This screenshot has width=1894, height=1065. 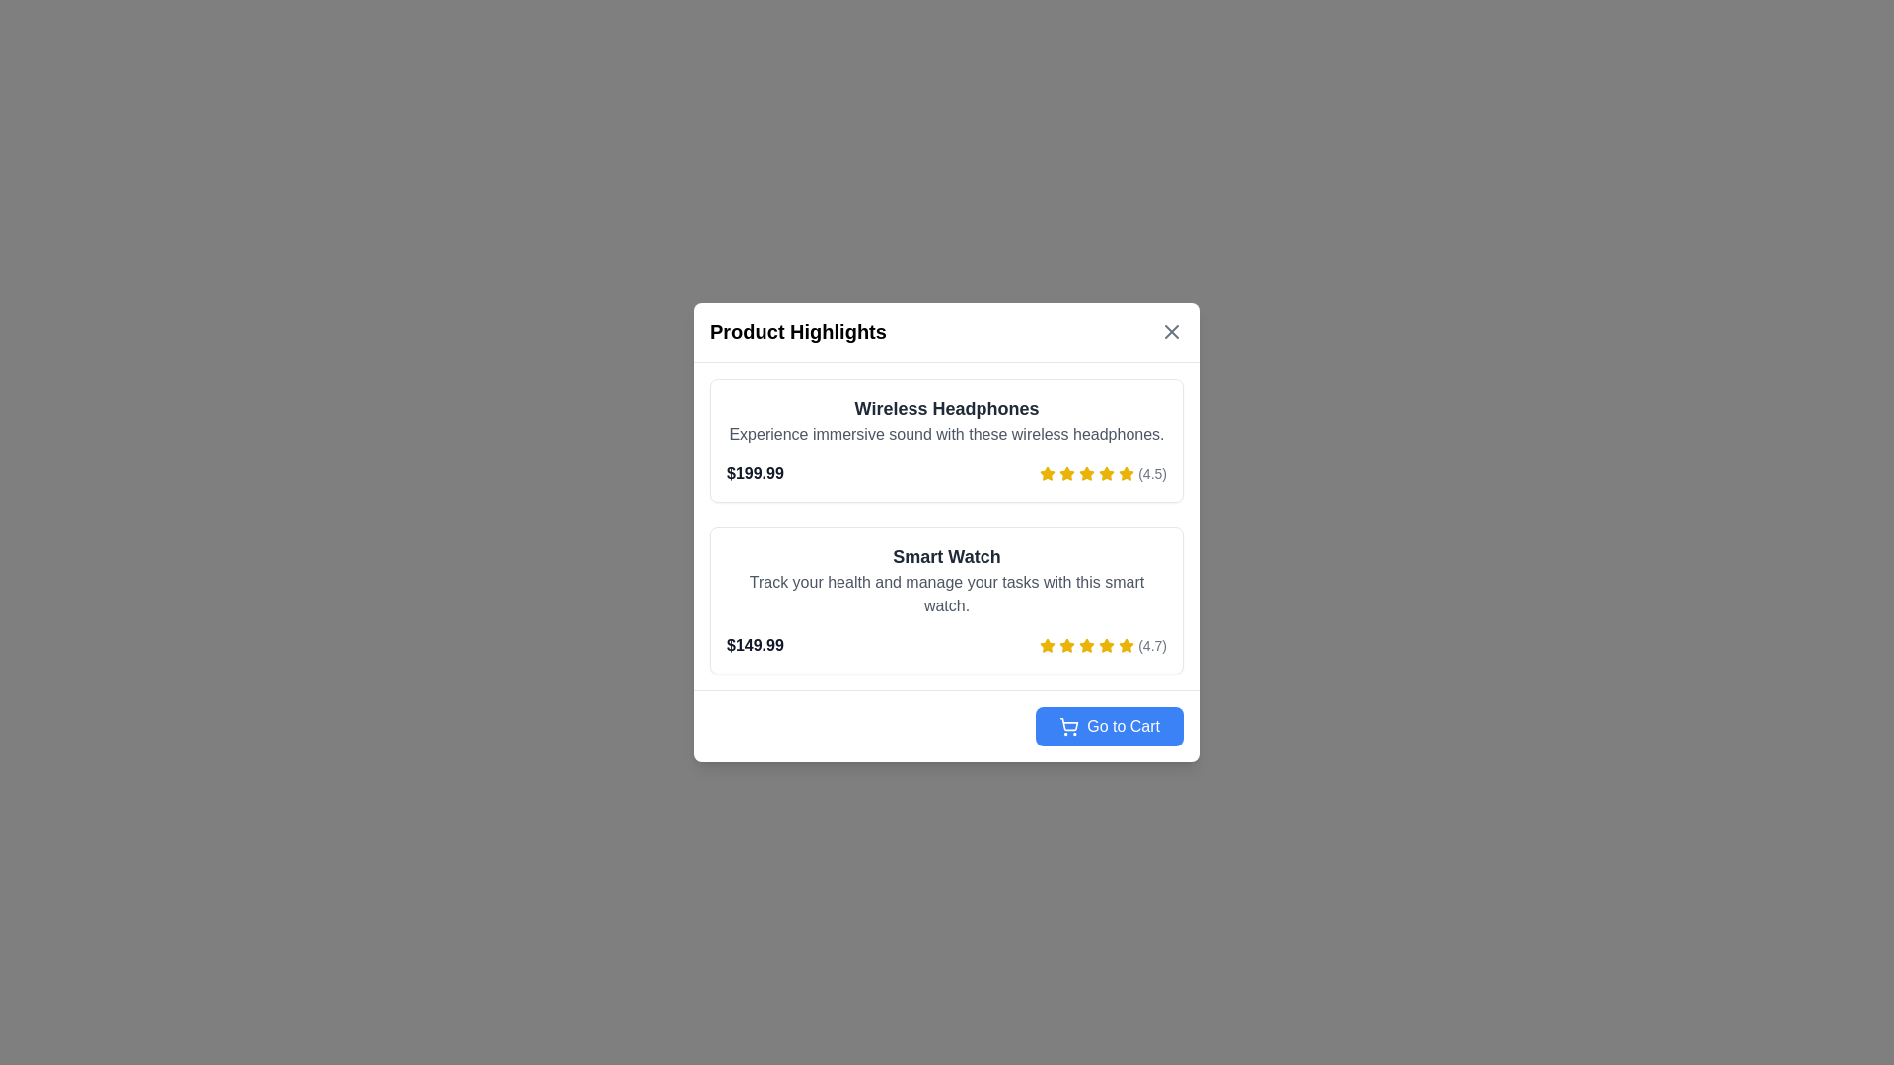 What do you see at coordinates (1124, 726) in the screenshot?
I see `the text label on the blue button located at the bottom-right corner of the modal that serves as a navigation button to proceed to the shopping cart page` at bounding box center [1124, 726].